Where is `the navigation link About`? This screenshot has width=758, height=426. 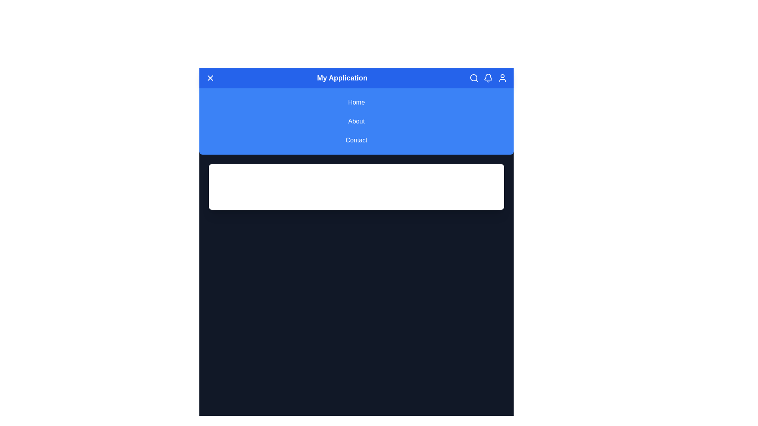
the navigation link About is located at coordinates (356, 121).